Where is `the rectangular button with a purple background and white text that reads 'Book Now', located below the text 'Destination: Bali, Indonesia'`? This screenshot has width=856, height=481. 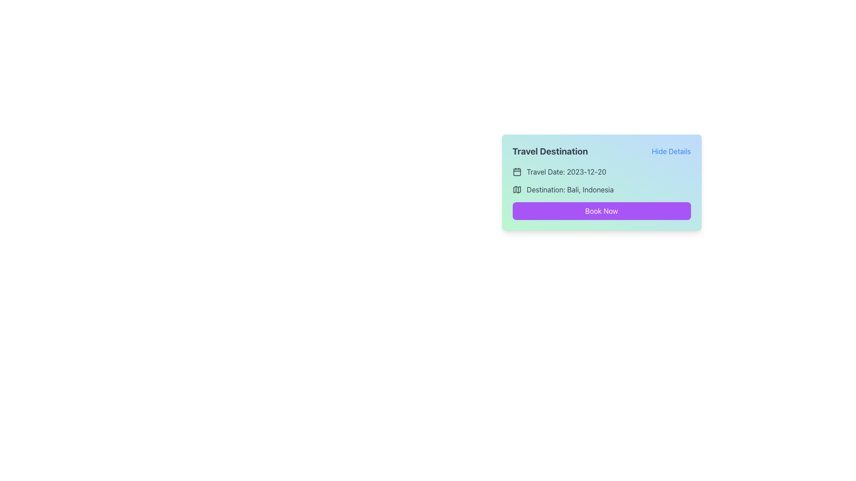
the rectangular button with a purple background and white text that reads 'Book Now', located below the text 'Destination: Bali, Indonesia' is located at coordinates (601, 211).